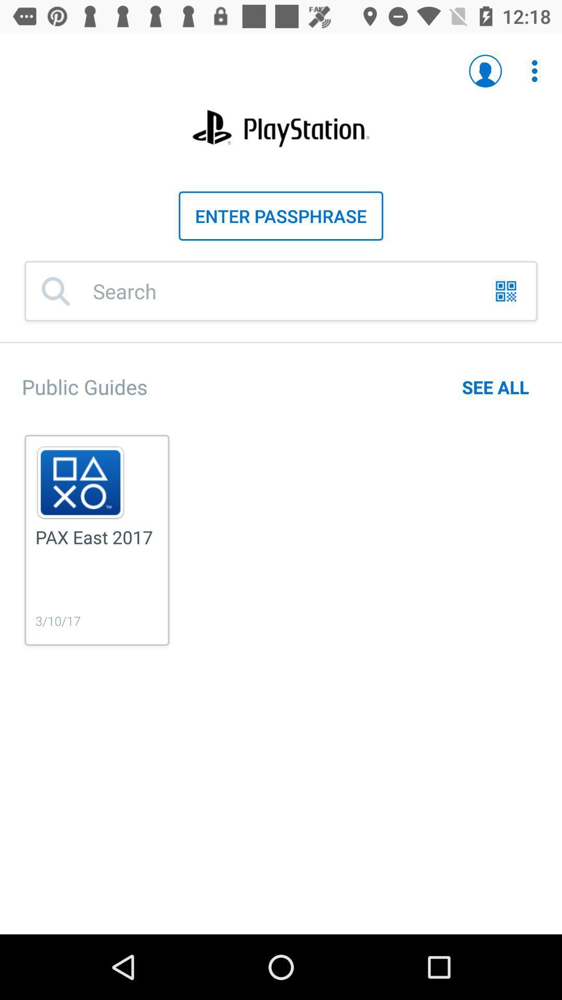 The height and width of the screenshot is (1000, 562). Describe the element at coordinates (281, 215) in the screenshot. I see `text field which is below playstation on the page` at that location.